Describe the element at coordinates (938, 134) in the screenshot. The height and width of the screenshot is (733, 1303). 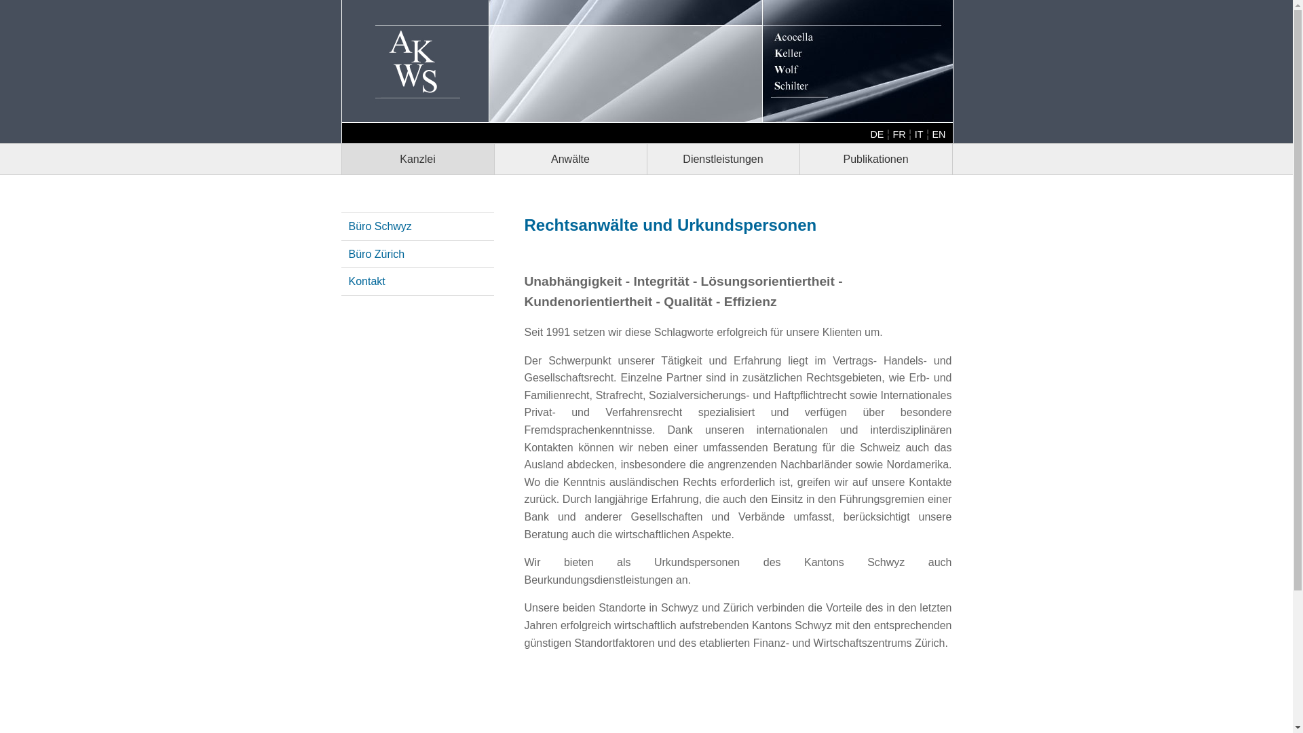
I see `'EN'` at that location.